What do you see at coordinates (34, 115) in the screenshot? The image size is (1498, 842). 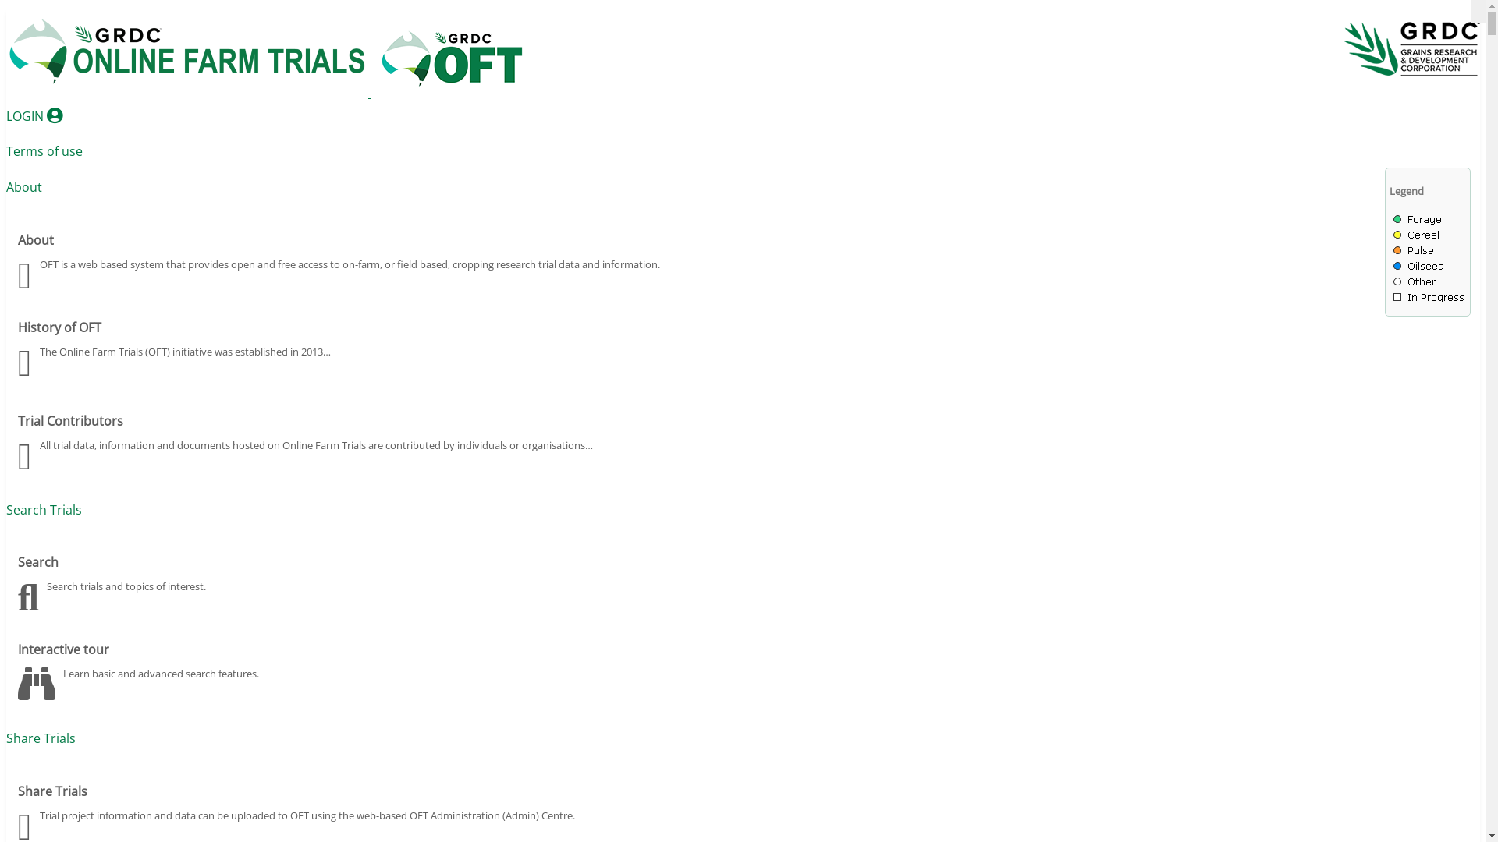 I see `'LOGIN'` at bounding box center [34, 115].